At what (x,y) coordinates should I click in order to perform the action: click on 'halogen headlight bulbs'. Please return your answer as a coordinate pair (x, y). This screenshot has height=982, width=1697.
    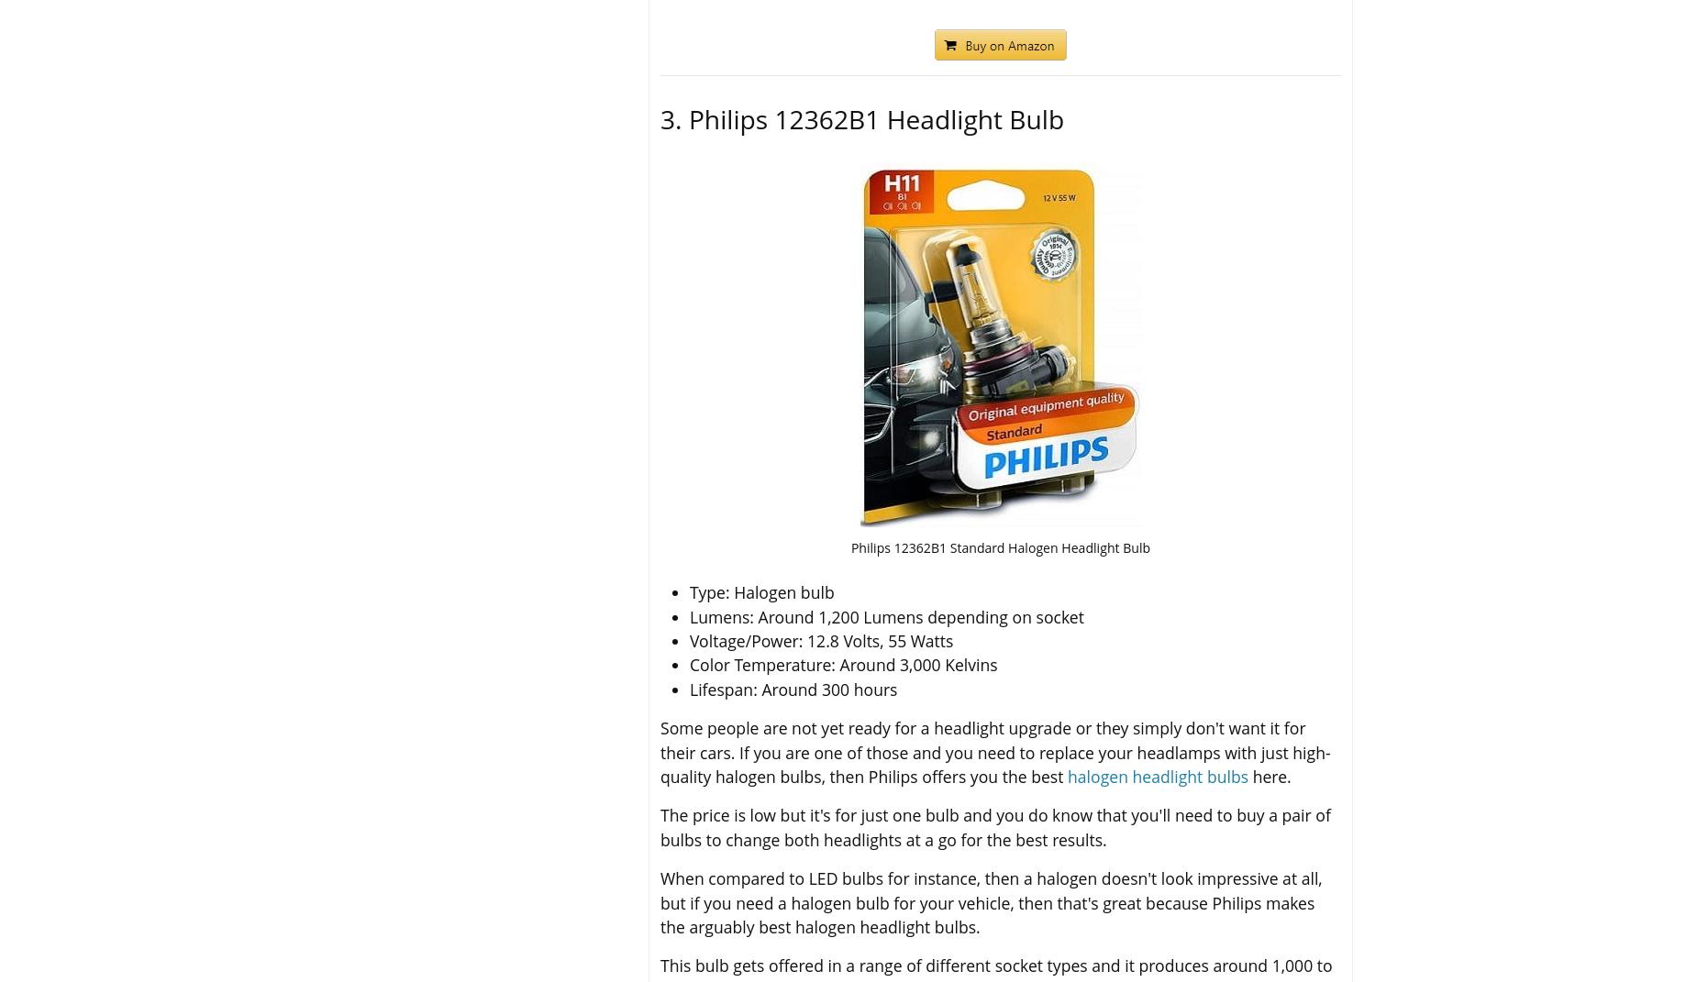
    Looking at the image, I should click on (1157, 776).